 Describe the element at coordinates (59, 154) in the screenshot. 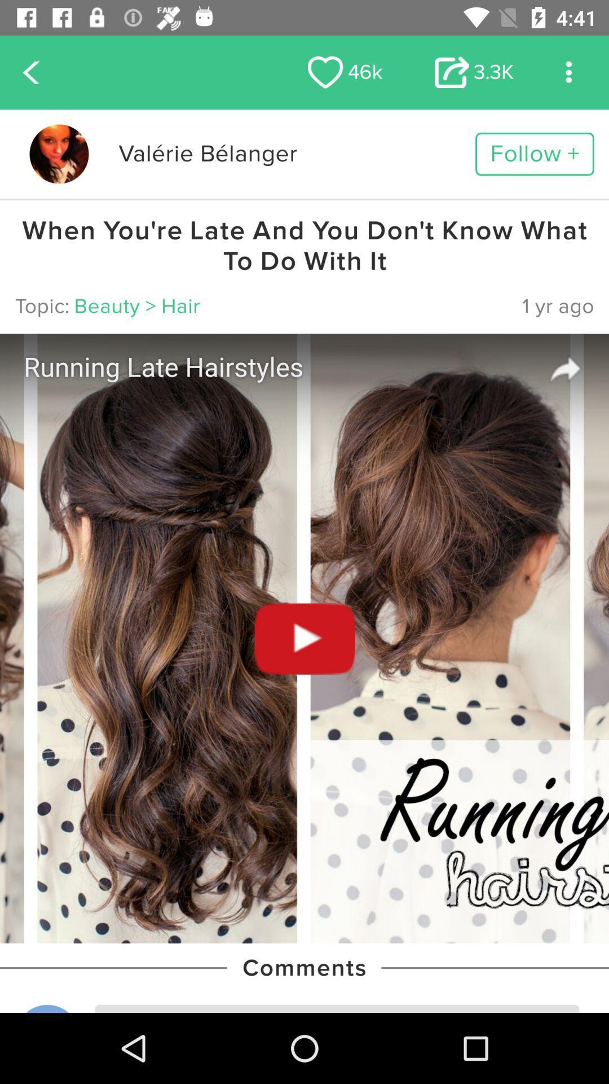

I see `it show the display image` at that location.